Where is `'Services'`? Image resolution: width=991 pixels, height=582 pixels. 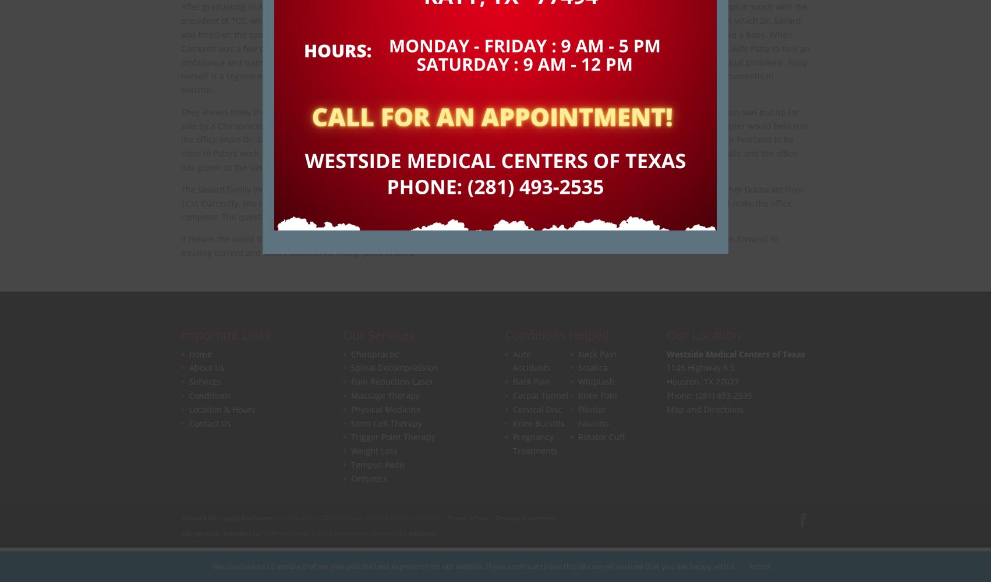
'Services' is located at coordinates (205, 381).